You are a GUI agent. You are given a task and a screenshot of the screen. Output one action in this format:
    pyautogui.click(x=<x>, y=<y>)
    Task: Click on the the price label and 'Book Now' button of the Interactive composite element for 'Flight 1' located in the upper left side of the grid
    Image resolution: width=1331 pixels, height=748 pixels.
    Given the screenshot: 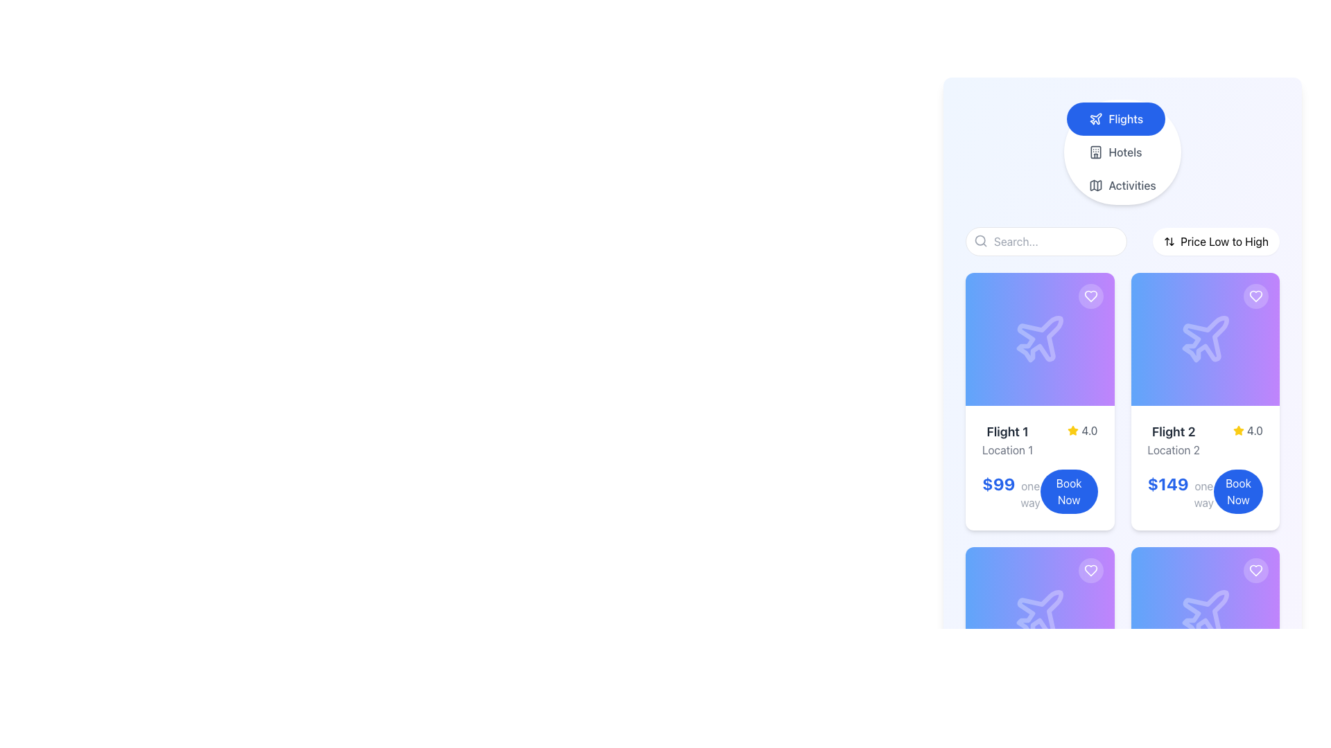 What is the action you would take?
    pyautogui.click(x=1040, y=490)
    